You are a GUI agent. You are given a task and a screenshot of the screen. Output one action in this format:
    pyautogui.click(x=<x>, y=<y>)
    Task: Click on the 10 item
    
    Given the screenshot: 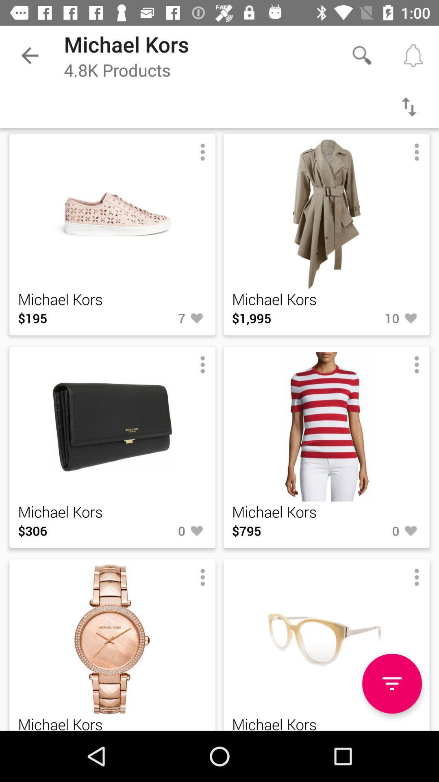 What is the action you would take?
    pyautogui.click(x=374, y=318)
    